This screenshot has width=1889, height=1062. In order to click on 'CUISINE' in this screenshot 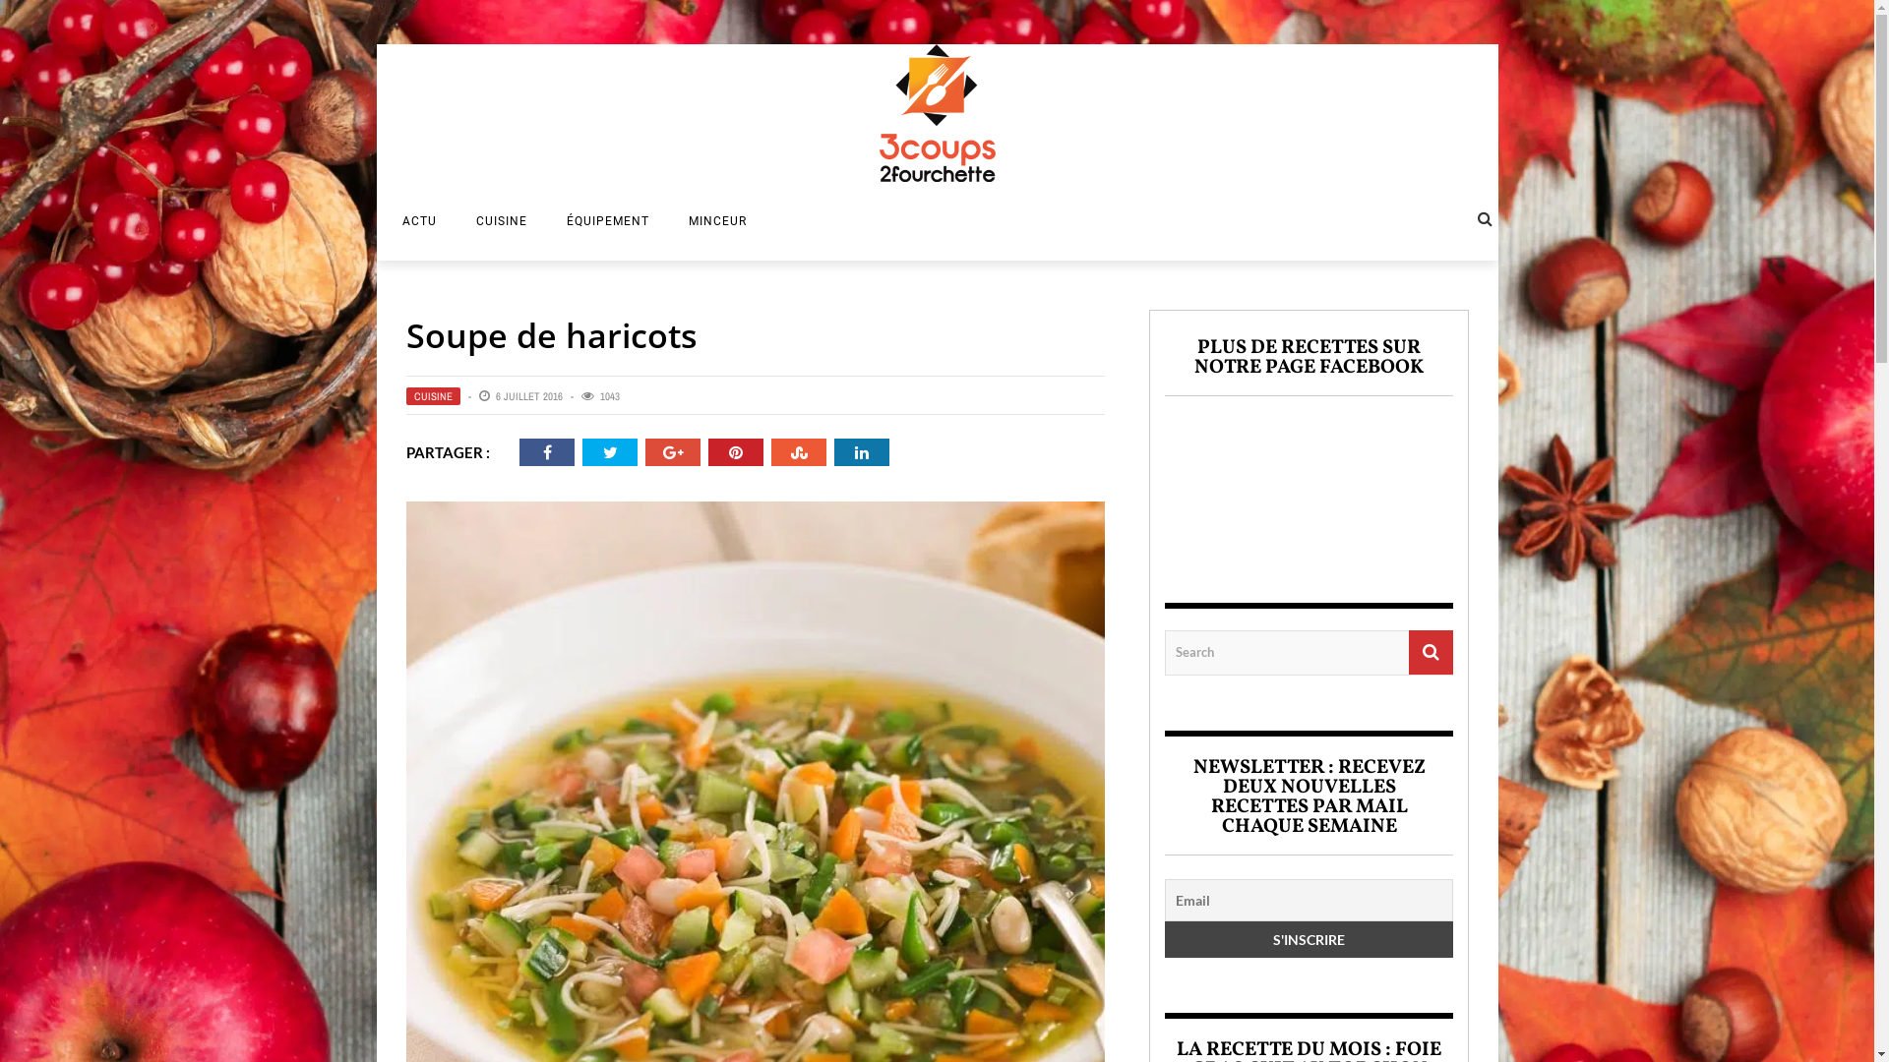, I will do `click(431, 395)`.